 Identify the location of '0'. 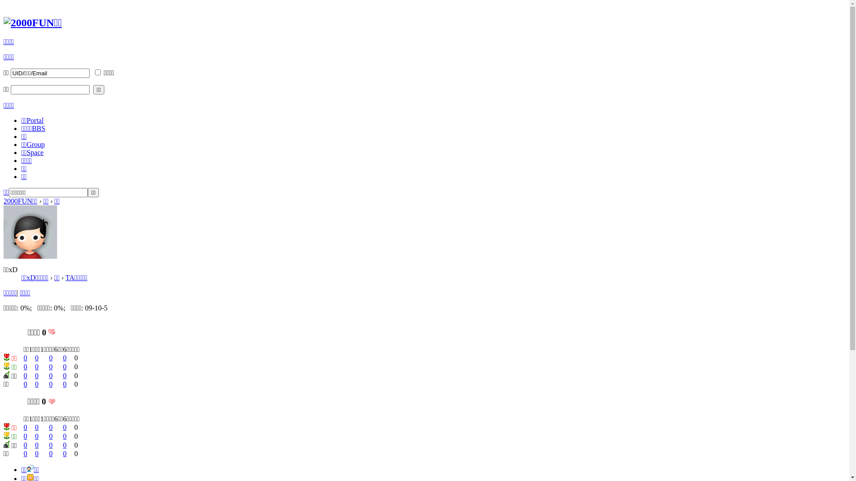
(64, 427).